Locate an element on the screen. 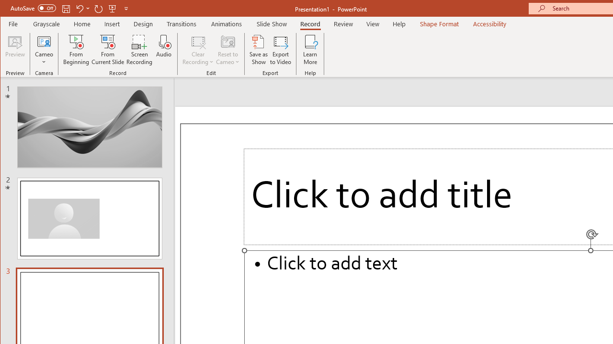 Image resolution: width=613 pixels, height=344 pixels. 'File Tab' is located at coordinates (13, 23).